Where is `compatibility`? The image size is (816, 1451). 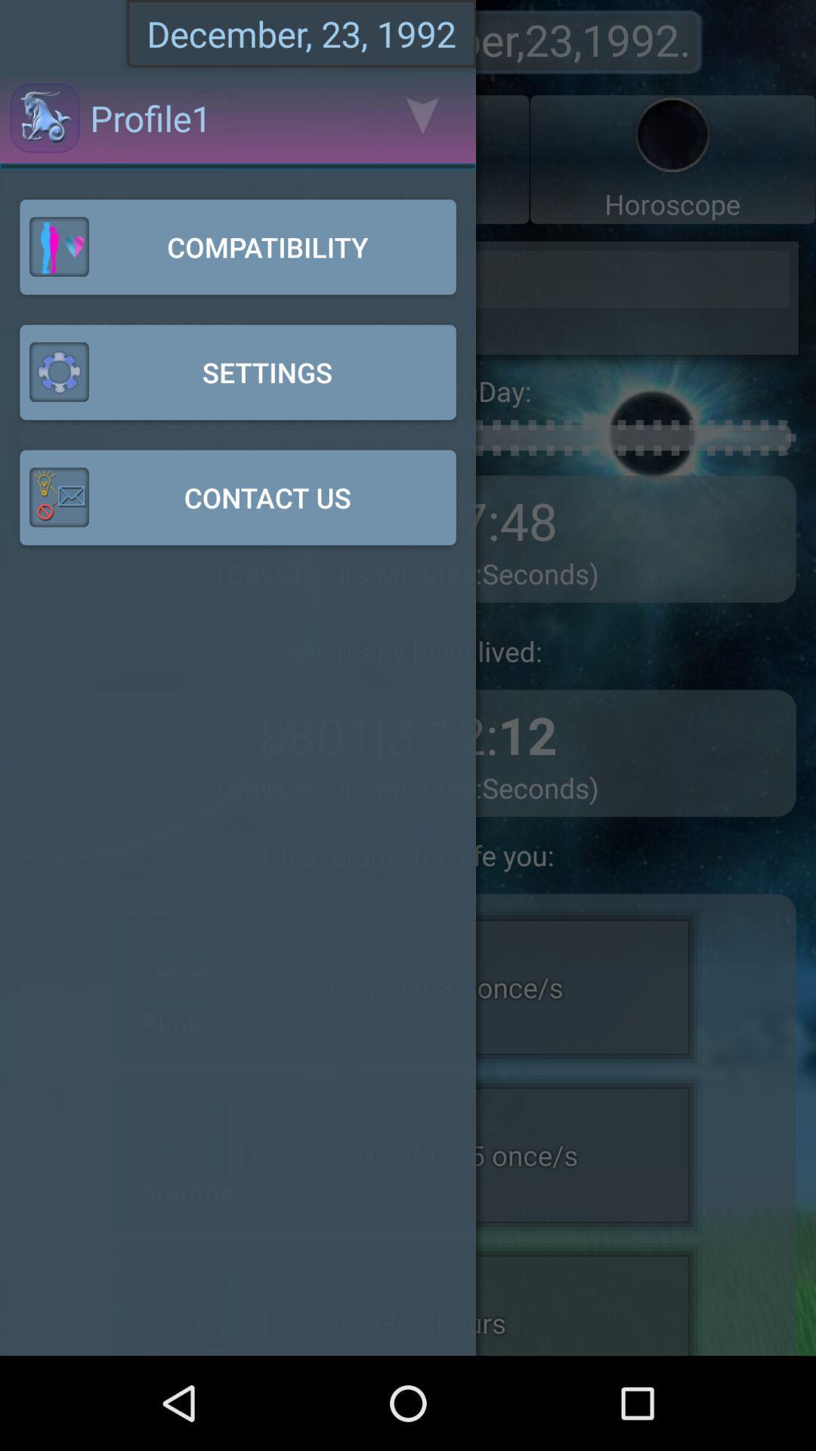
compatibility is located at coordinates (238, 246).